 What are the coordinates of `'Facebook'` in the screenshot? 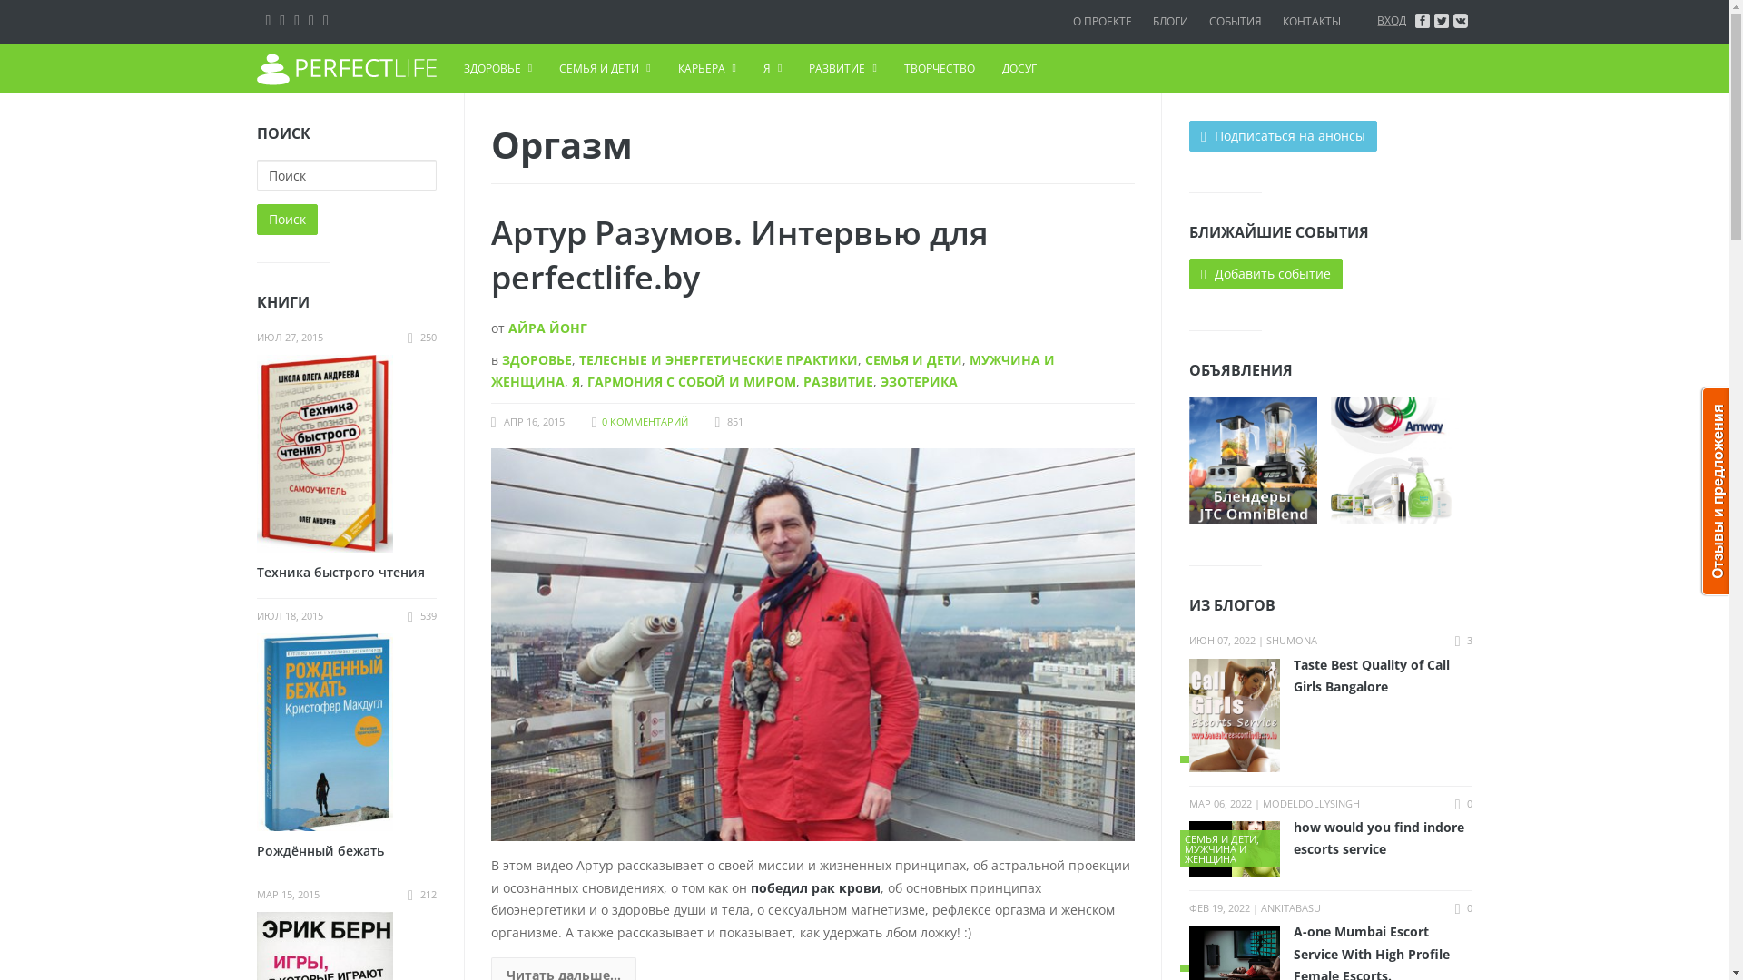 It's located at (281, 19).